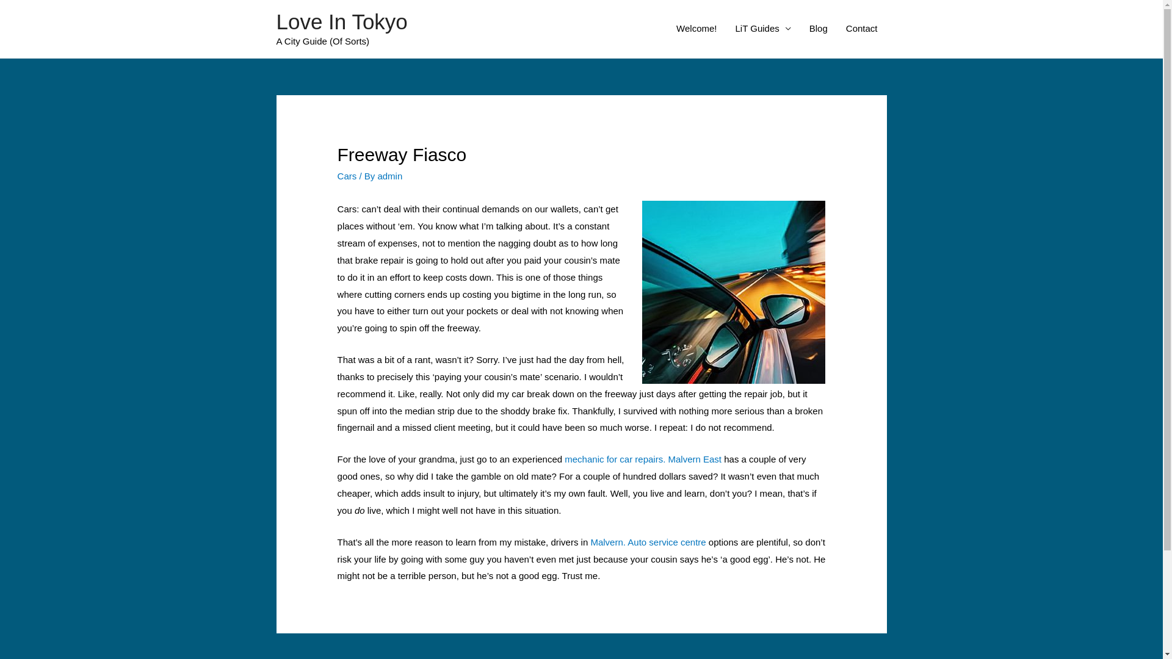 The image size is (1172, 659). What do you see at coordinates (762, 27) in the screenshot?
I see `'LiT Guides'` at bounding box center [762, 27].